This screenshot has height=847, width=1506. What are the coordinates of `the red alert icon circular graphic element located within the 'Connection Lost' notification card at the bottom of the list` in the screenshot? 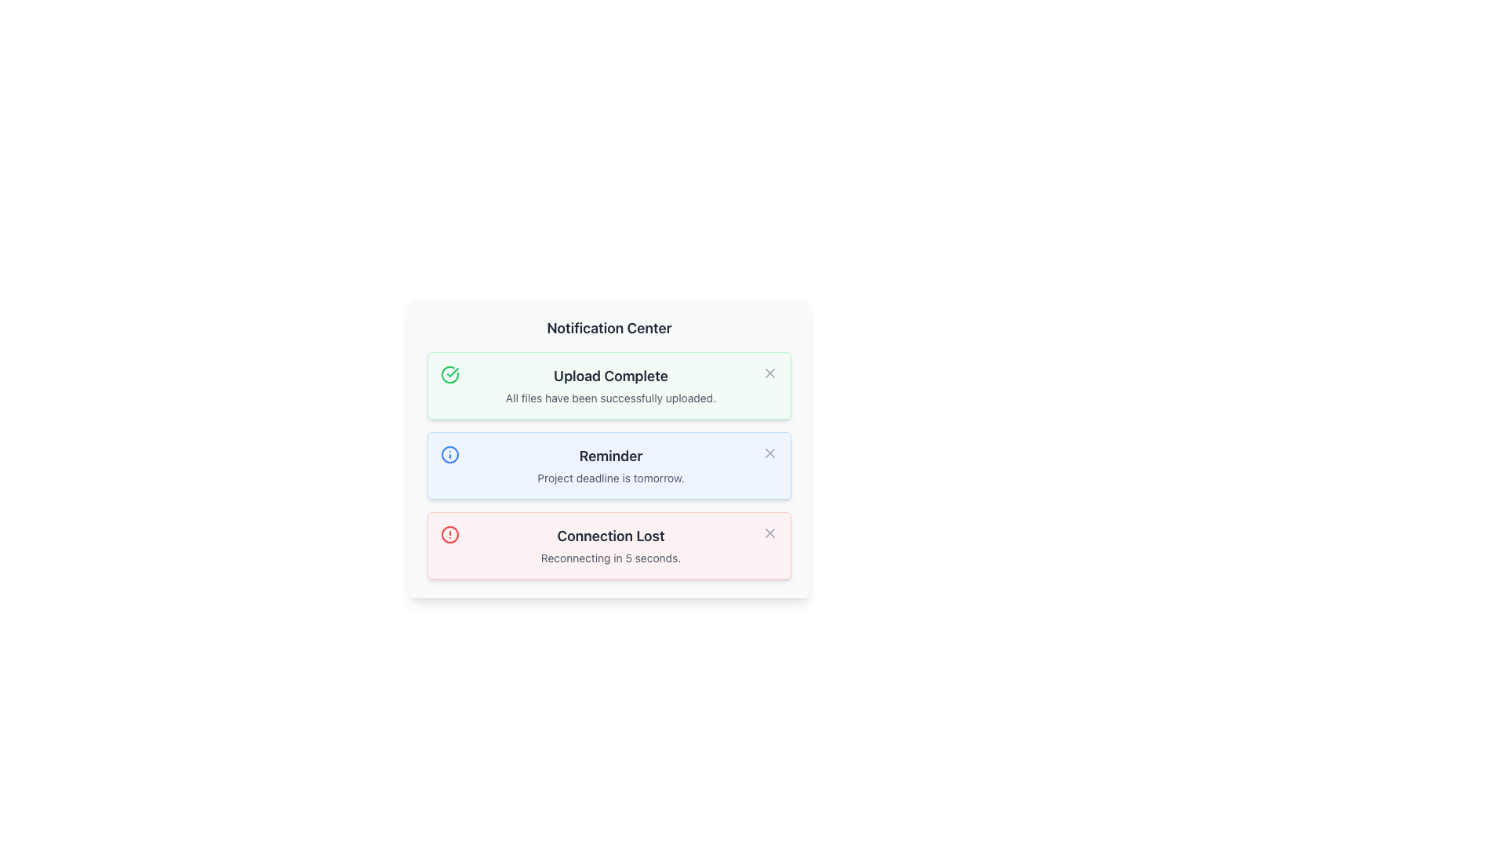 It's located at (449, 534).